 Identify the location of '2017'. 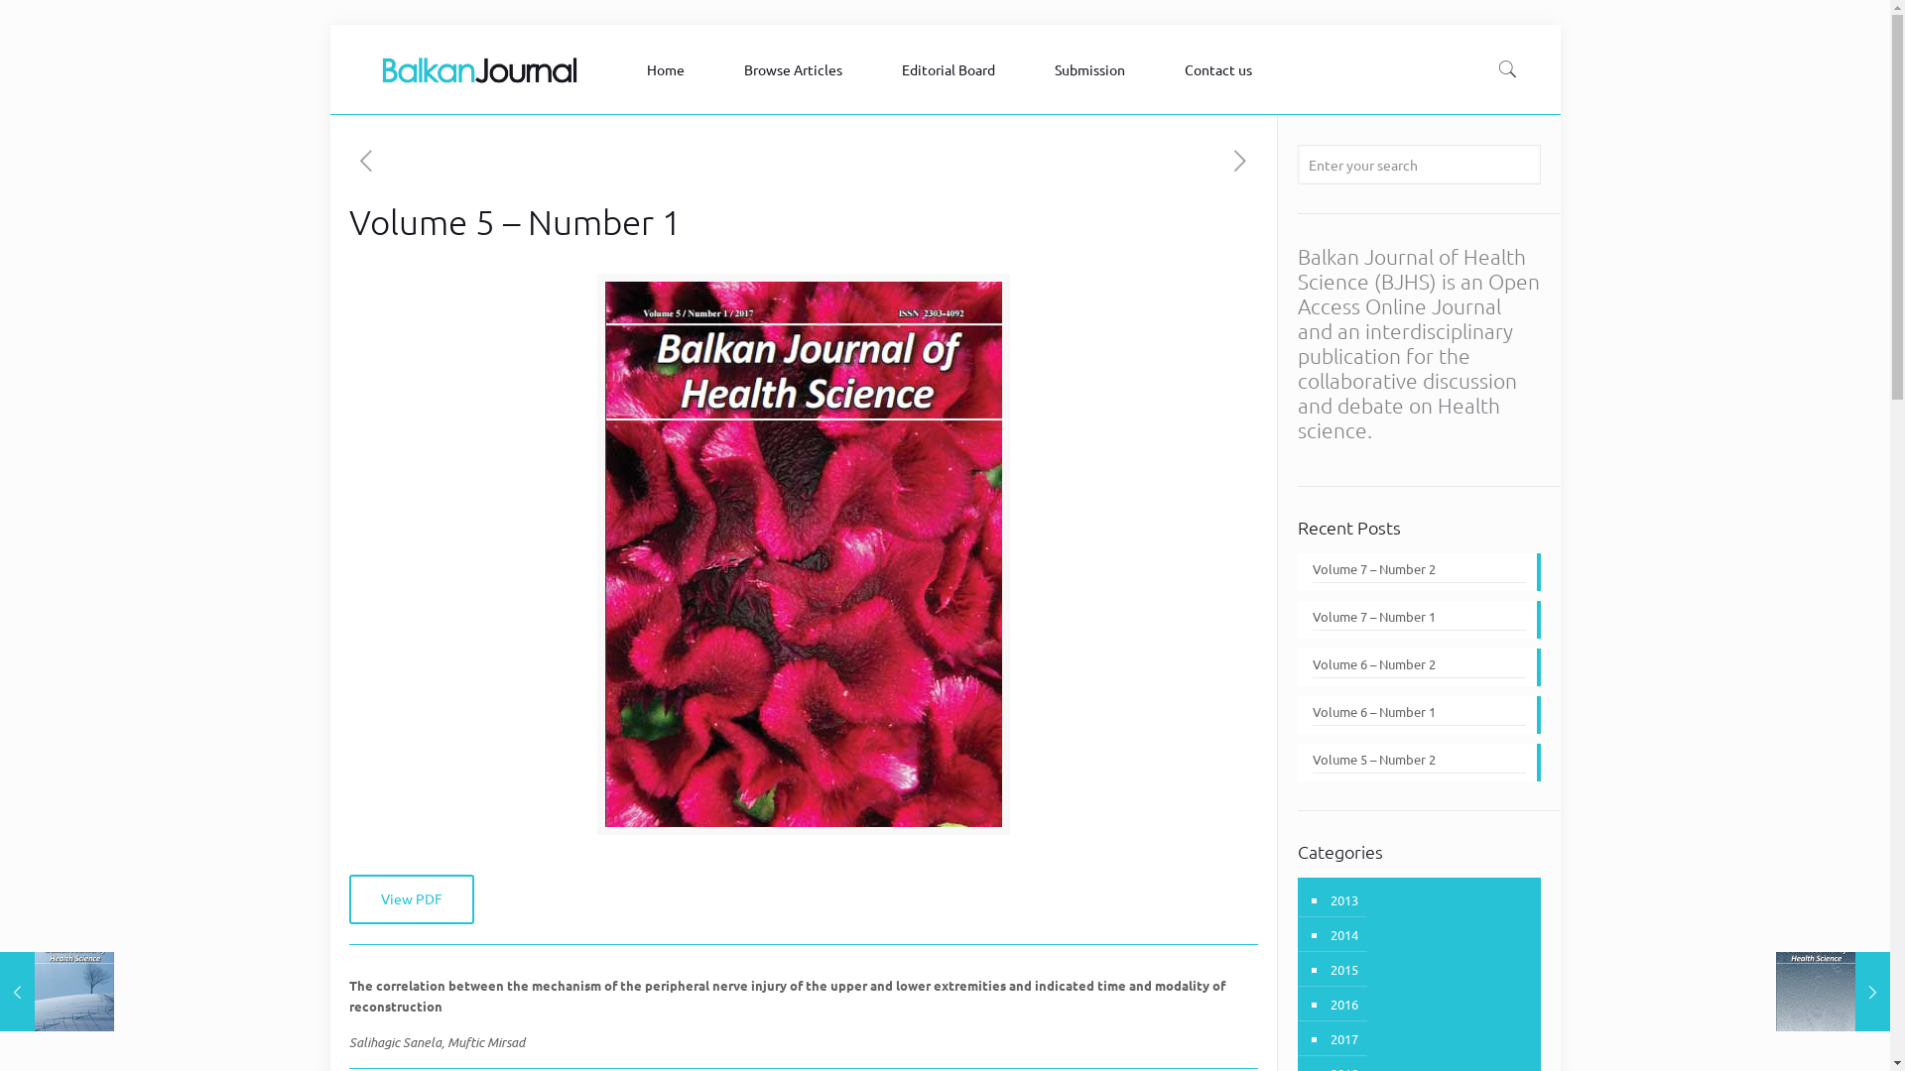
(1342, 1037).